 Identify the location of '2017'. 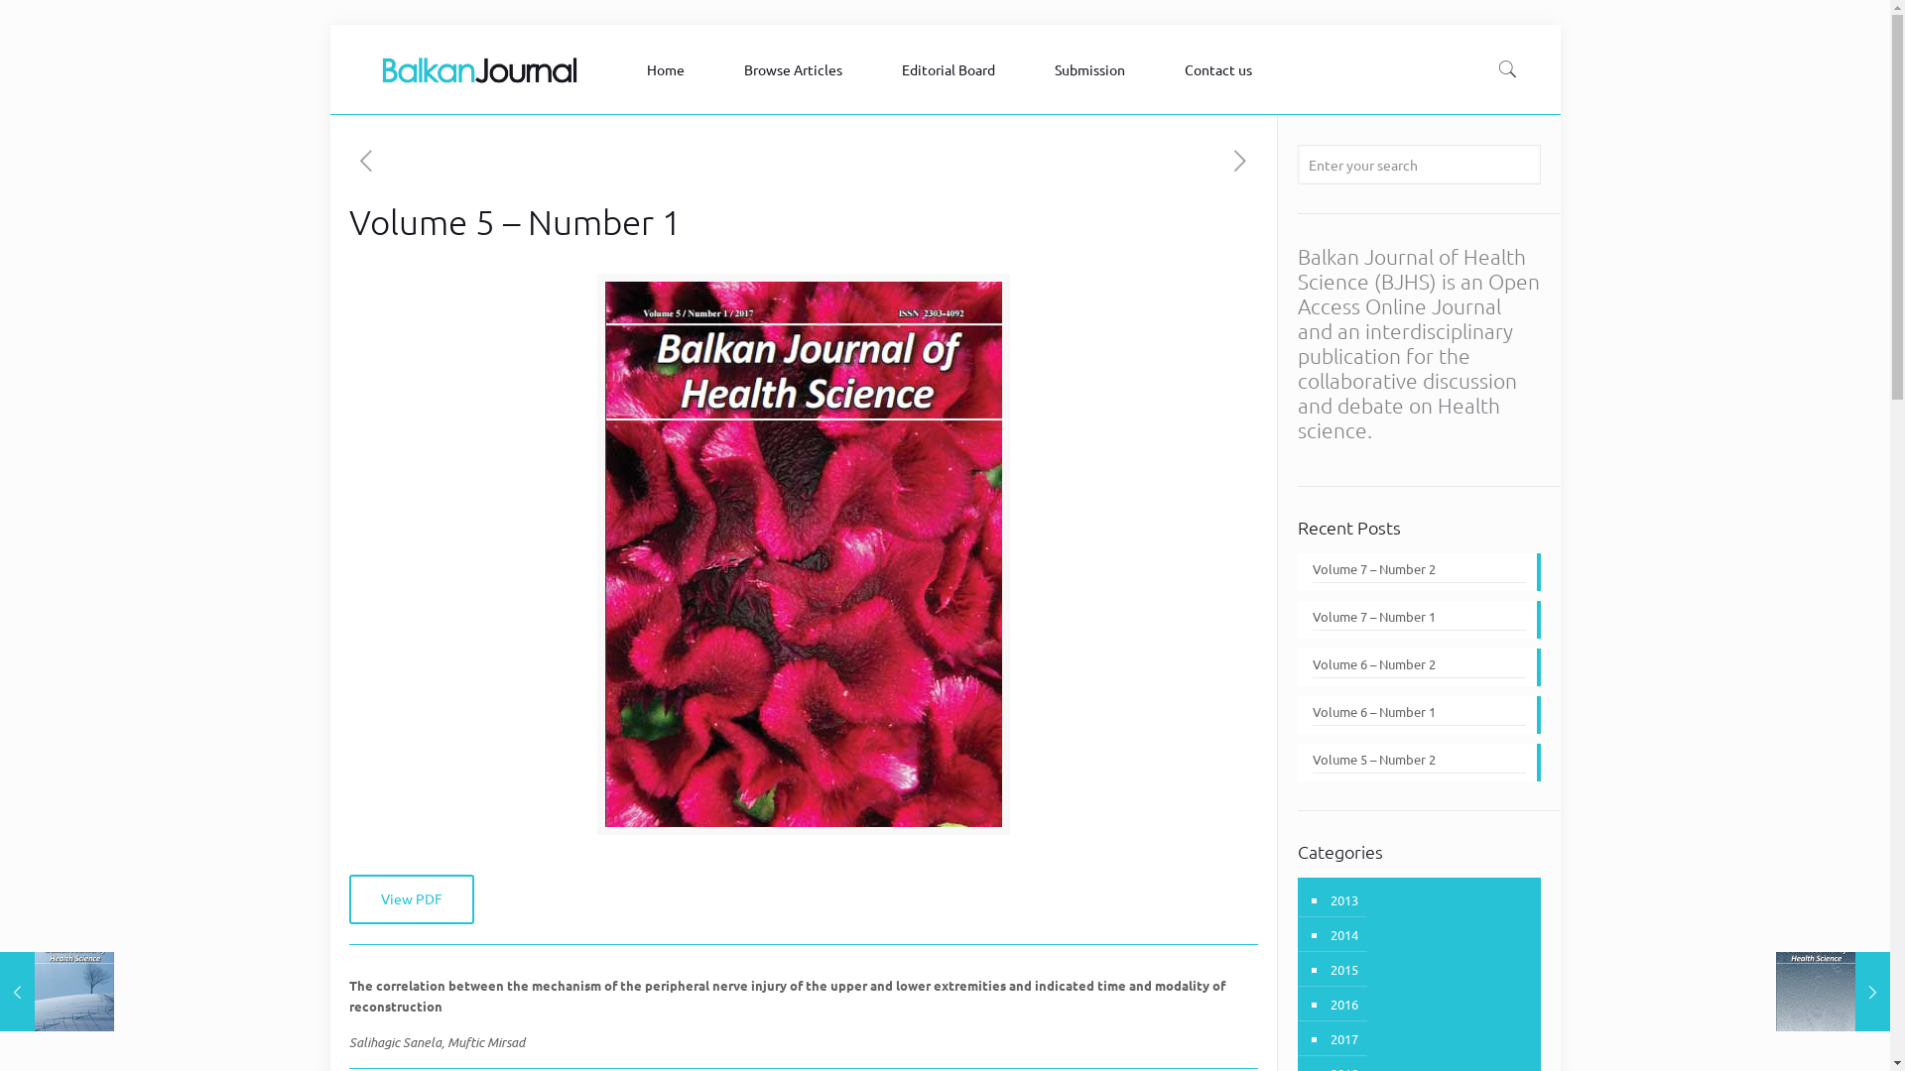
(1342, 1037).